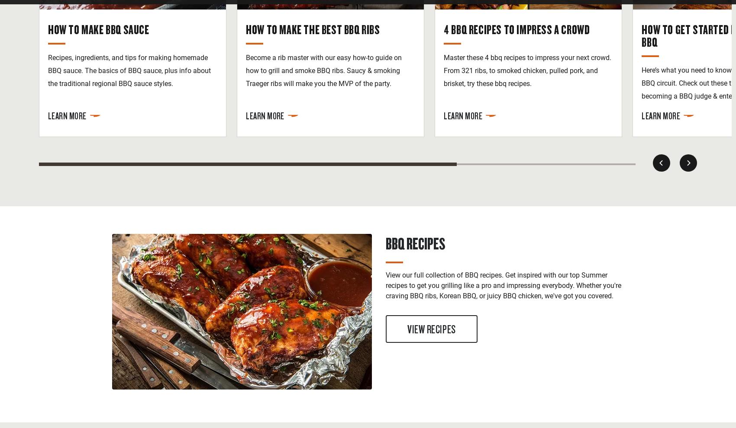 This screenshot has width=736, height=428. Describe the element at coordinates (415, 243) in the screenshot. I see `'BBQ Recipes'` at that location.